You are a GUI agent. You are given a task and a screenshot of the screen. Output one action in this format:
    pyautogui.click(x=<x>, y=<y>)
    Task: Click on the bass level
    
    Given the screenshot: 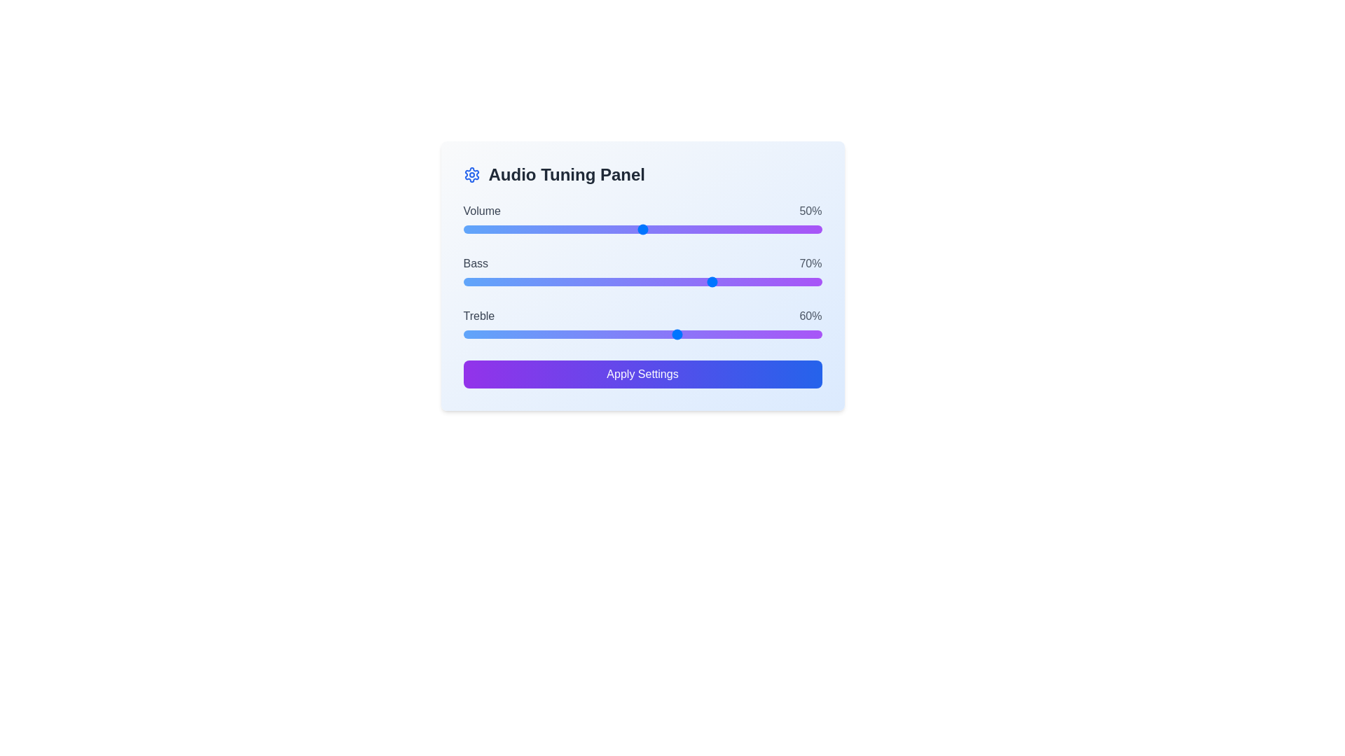 What is the action you would take?
    pyautogui.click(x=811, y=281)
    